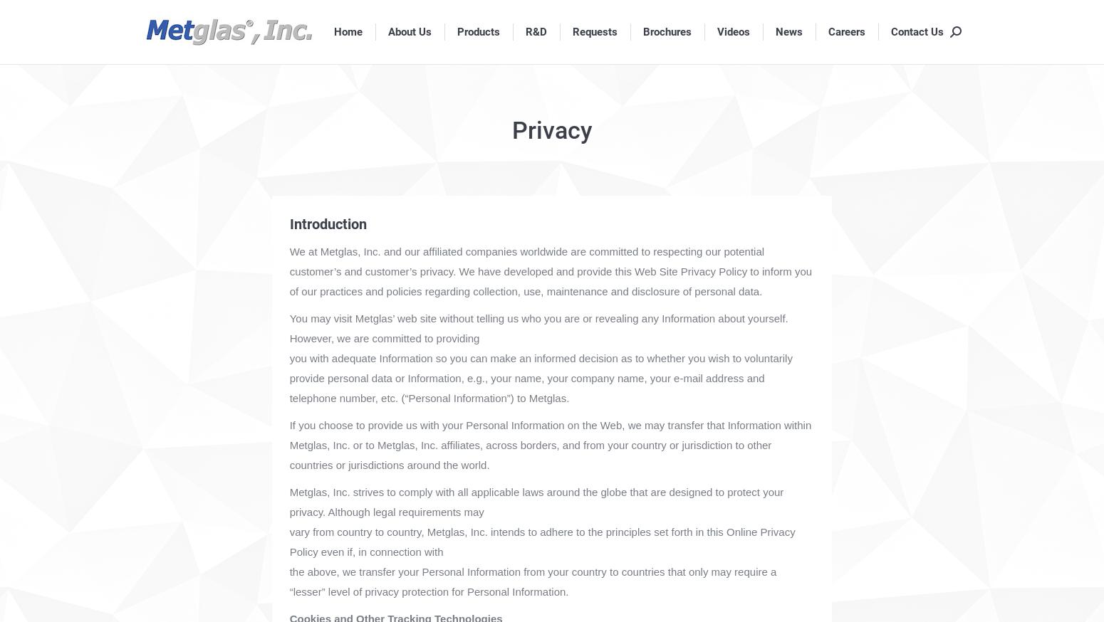 The width and height of the screenshot is (1104, 622). I want to click on 'Contact Us', so click(890, 30).